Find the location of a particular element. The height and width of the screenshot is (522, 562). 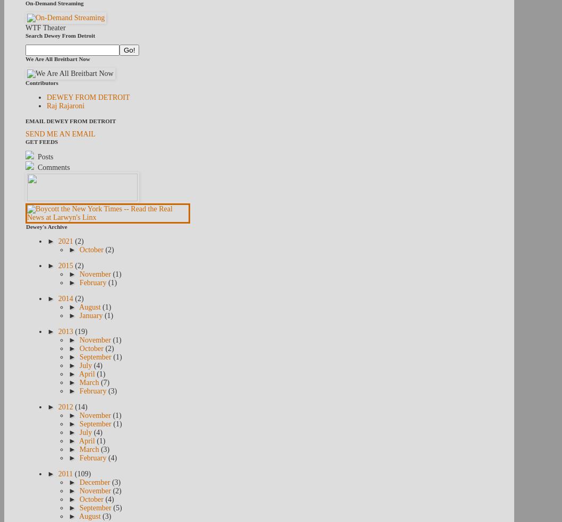

'December' is located at coordinates (95, 482).